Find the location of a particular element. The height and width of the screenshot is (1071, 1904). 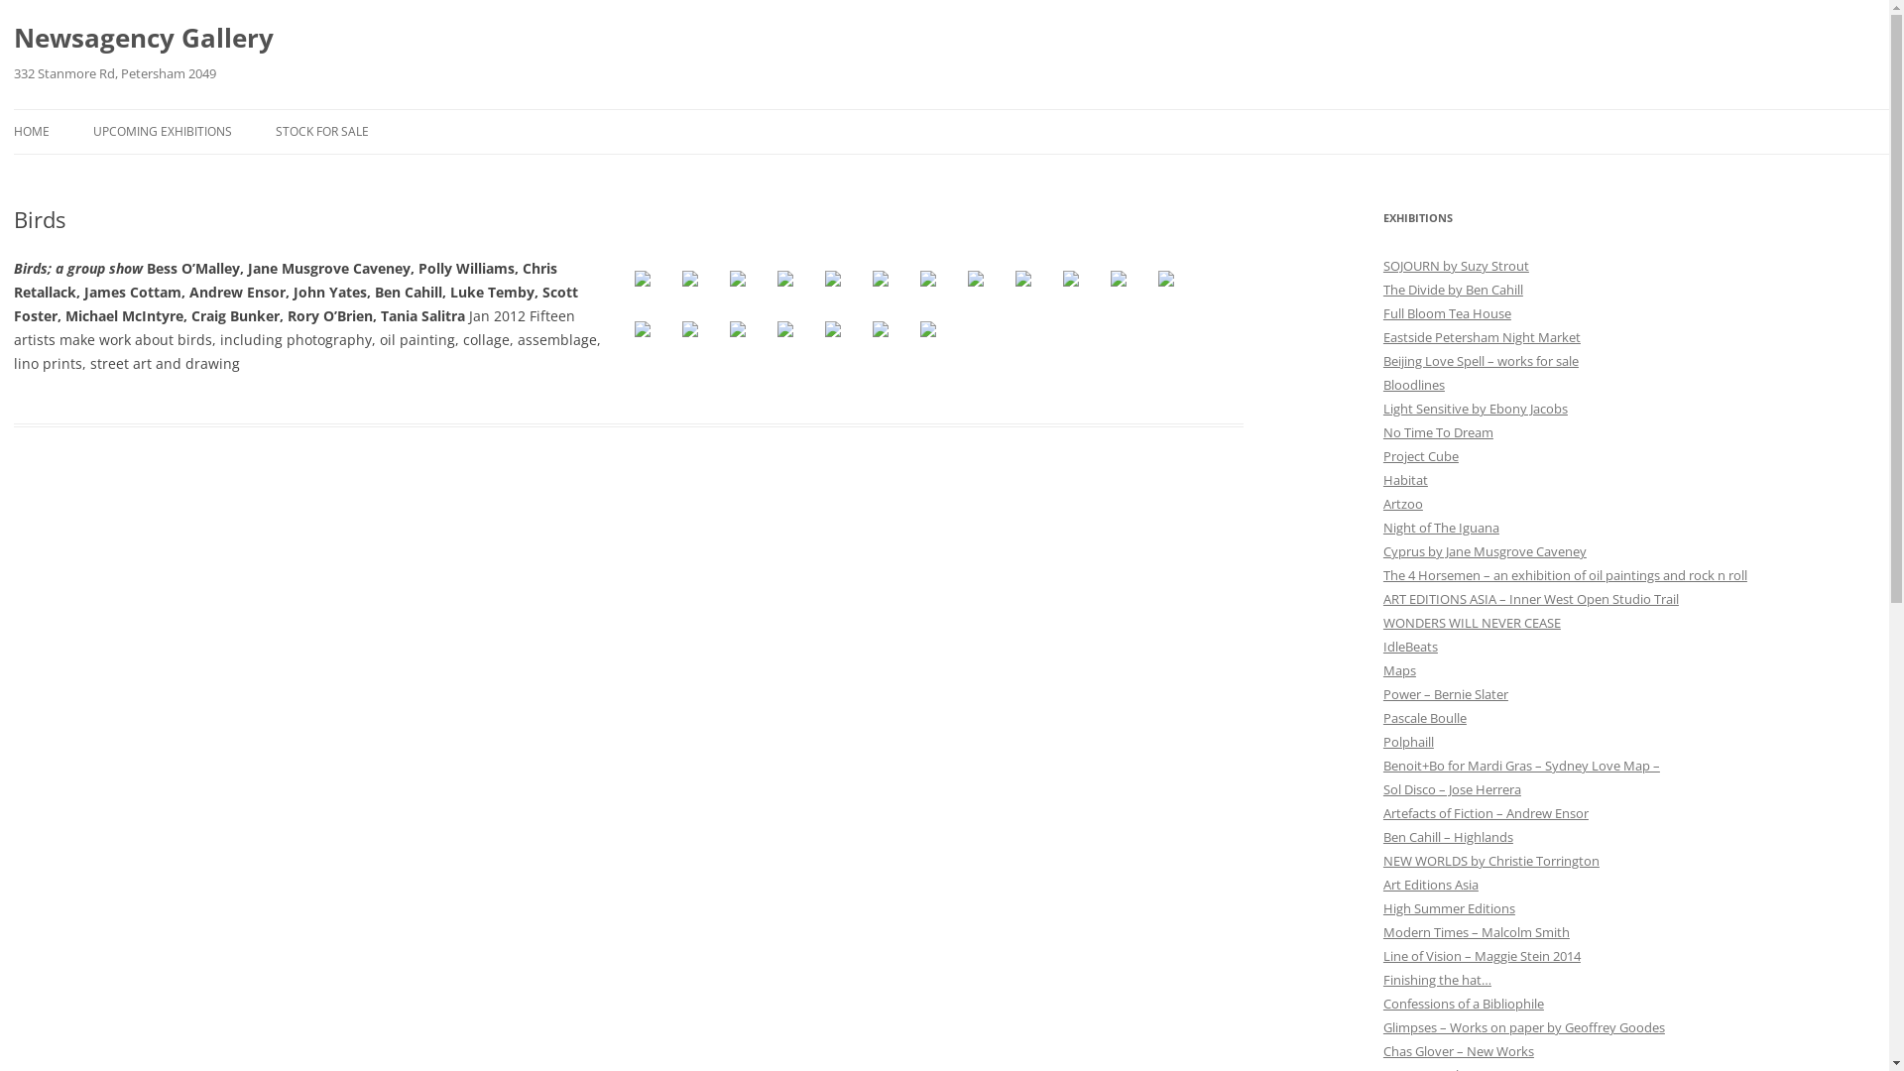

'Polphaill' is located at coordinates (1407, 742).